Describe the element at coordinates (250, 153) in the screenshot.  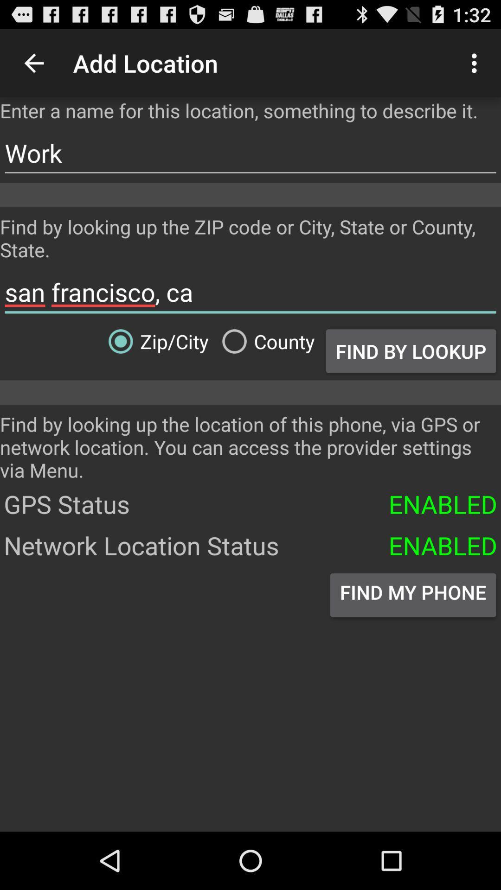
I see `the item below enter a name` at that location.